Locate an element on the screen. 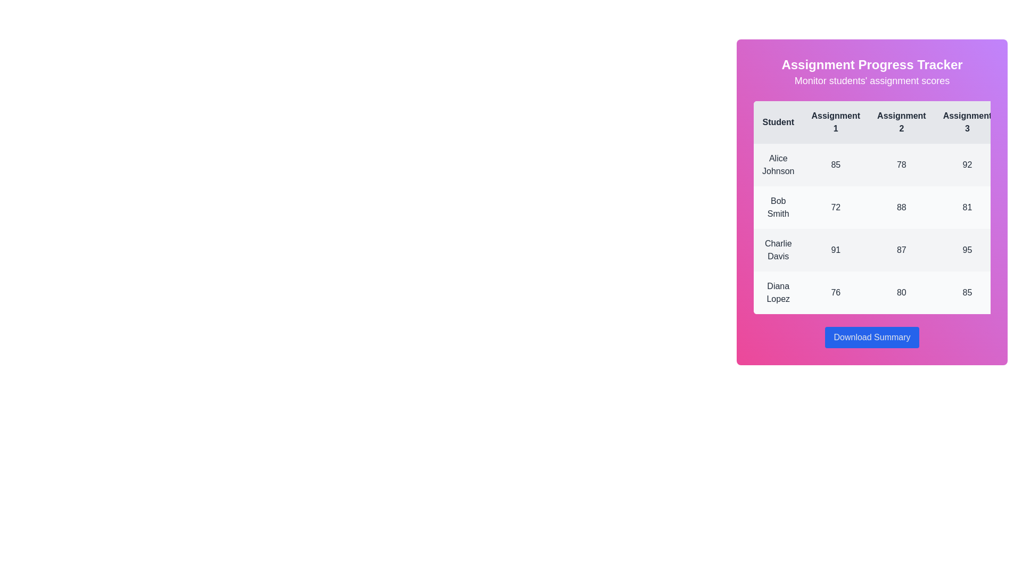 The width and height of the screenshot is (1022, 575). the 'Download Summary' button to initiate the download of the assignment summary is located at coordinates (872, 337).